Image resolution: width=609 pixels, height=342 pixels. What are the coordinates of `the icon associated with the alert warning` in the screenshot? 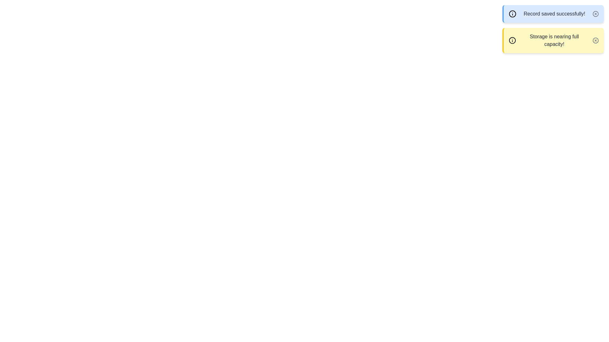 It's located at (513, 40).